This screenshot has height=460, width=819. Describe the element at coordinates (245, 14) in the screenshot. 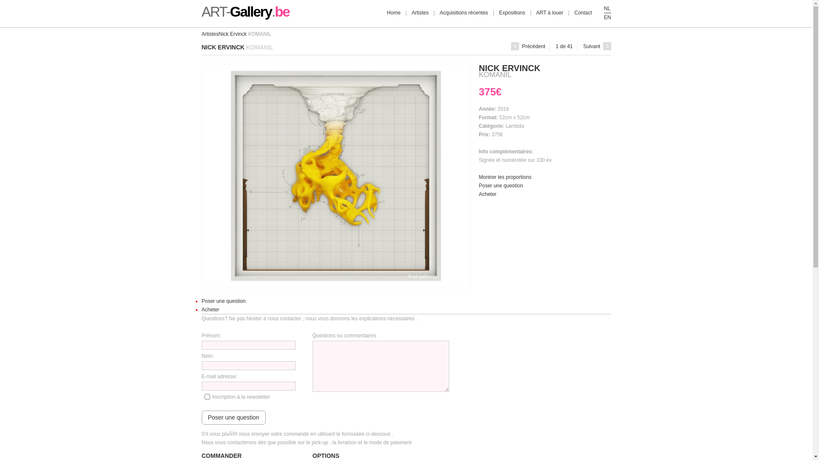

I see `'ART-Gallery.be'` at that location.